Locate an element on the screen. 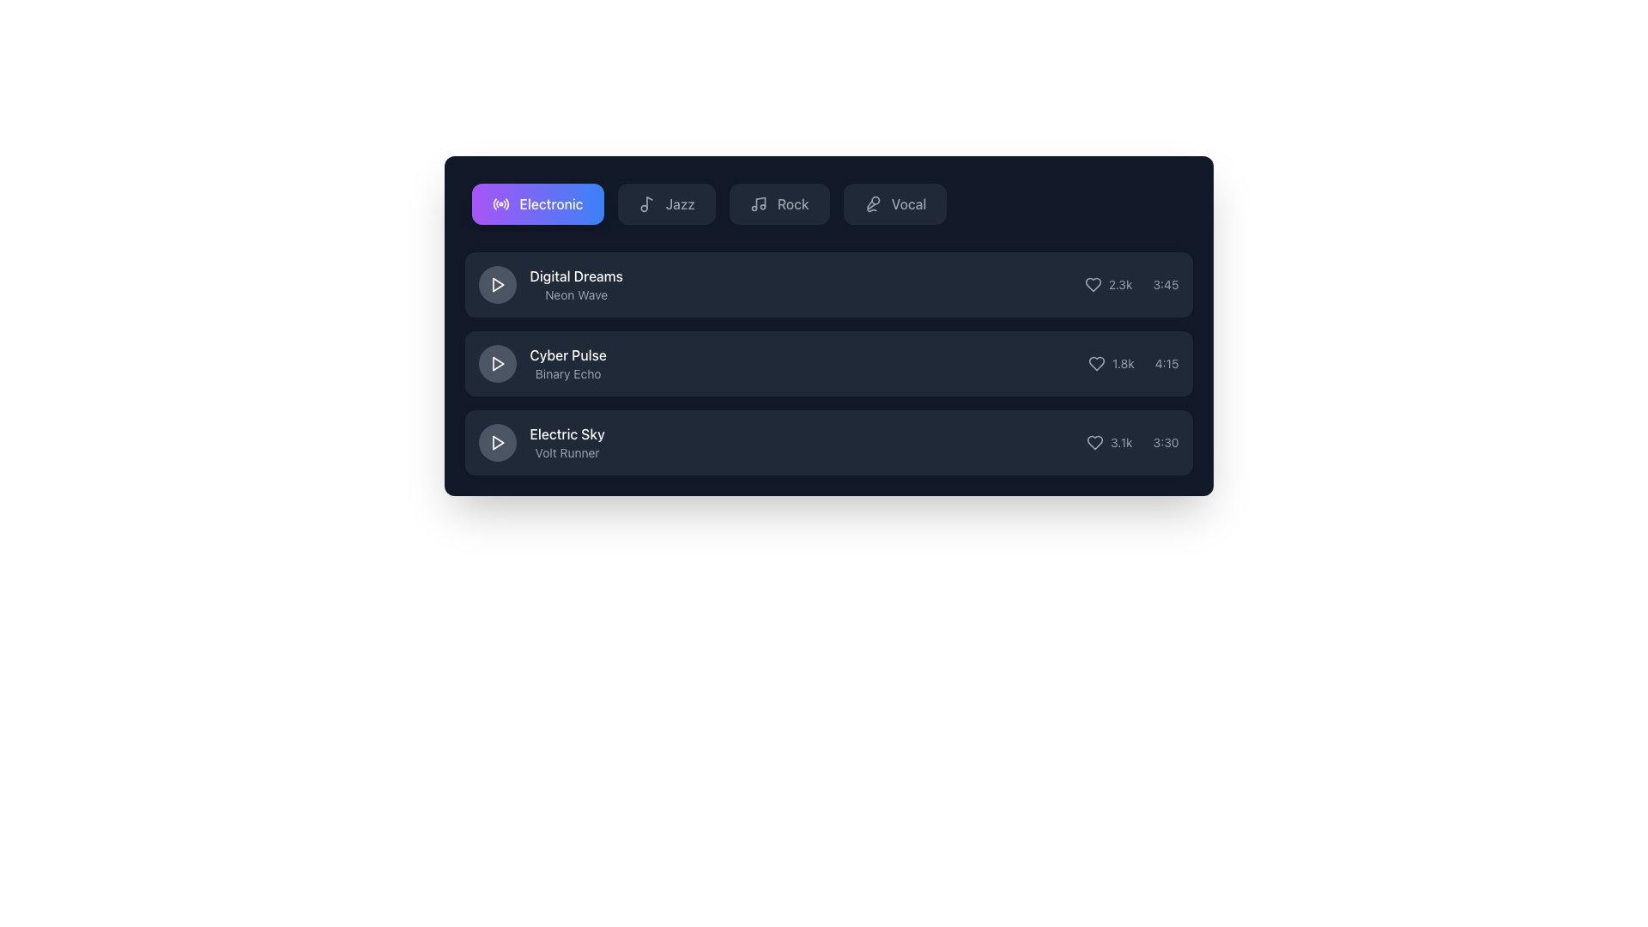 Image resolution: width=1648 pixels, height=927 pixels. the heart-shaped icon button located on the right side of the 'Cyber Pulse' media item, which indicates user interaction like liking or favoriting is located at coordinates (1095, 363).